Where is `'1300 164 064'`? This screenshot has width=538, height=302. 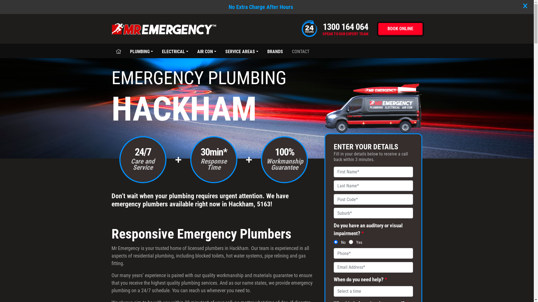
'1300 164 064' is located at coordinates (323, 27).